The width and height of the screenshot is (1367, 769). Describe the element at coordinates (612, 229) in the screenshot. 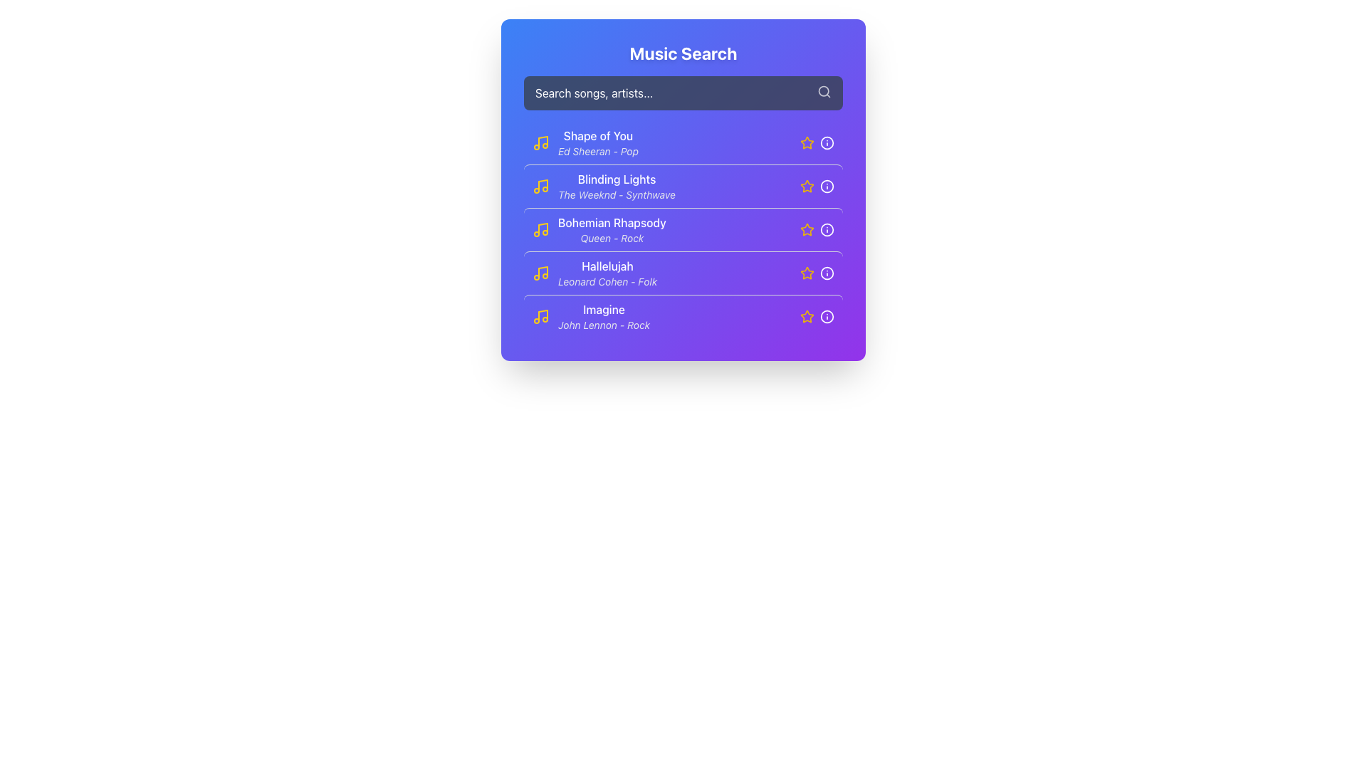

I see `the Text Display element that shows the title 'Bohemian Rhapsody' in bold and the subtitle 'Queen - Rock' in italicized font, located as the third entry in the list under the text input box` at that location.